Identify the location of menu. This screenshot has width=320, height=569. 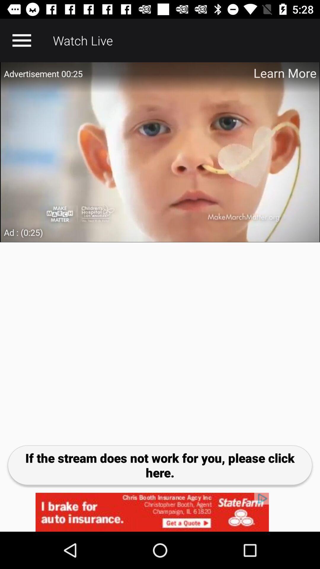
(21, 40).